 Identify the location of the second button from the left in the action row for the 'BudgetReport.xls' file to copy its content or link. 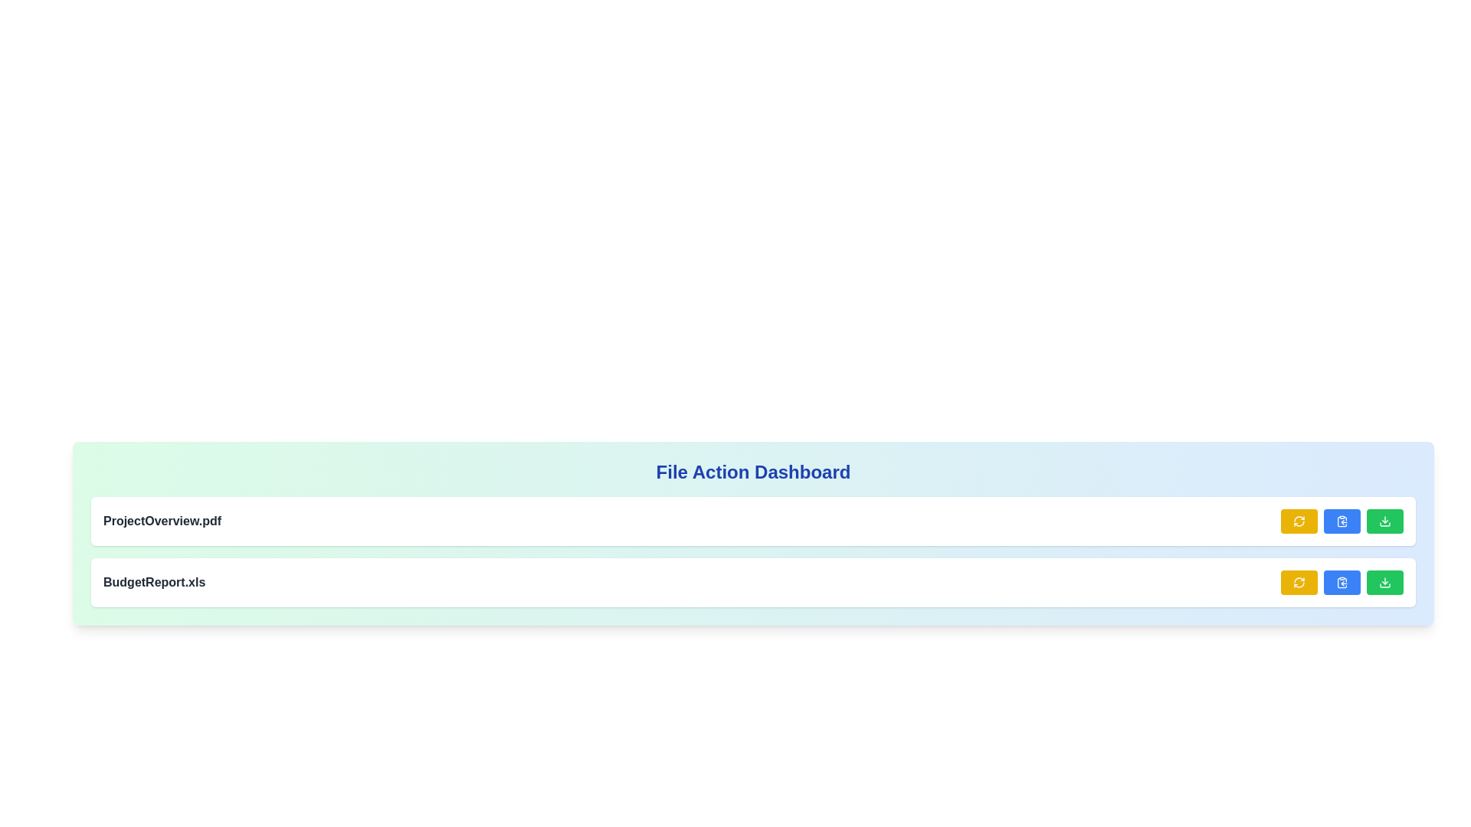
(1342, 582).